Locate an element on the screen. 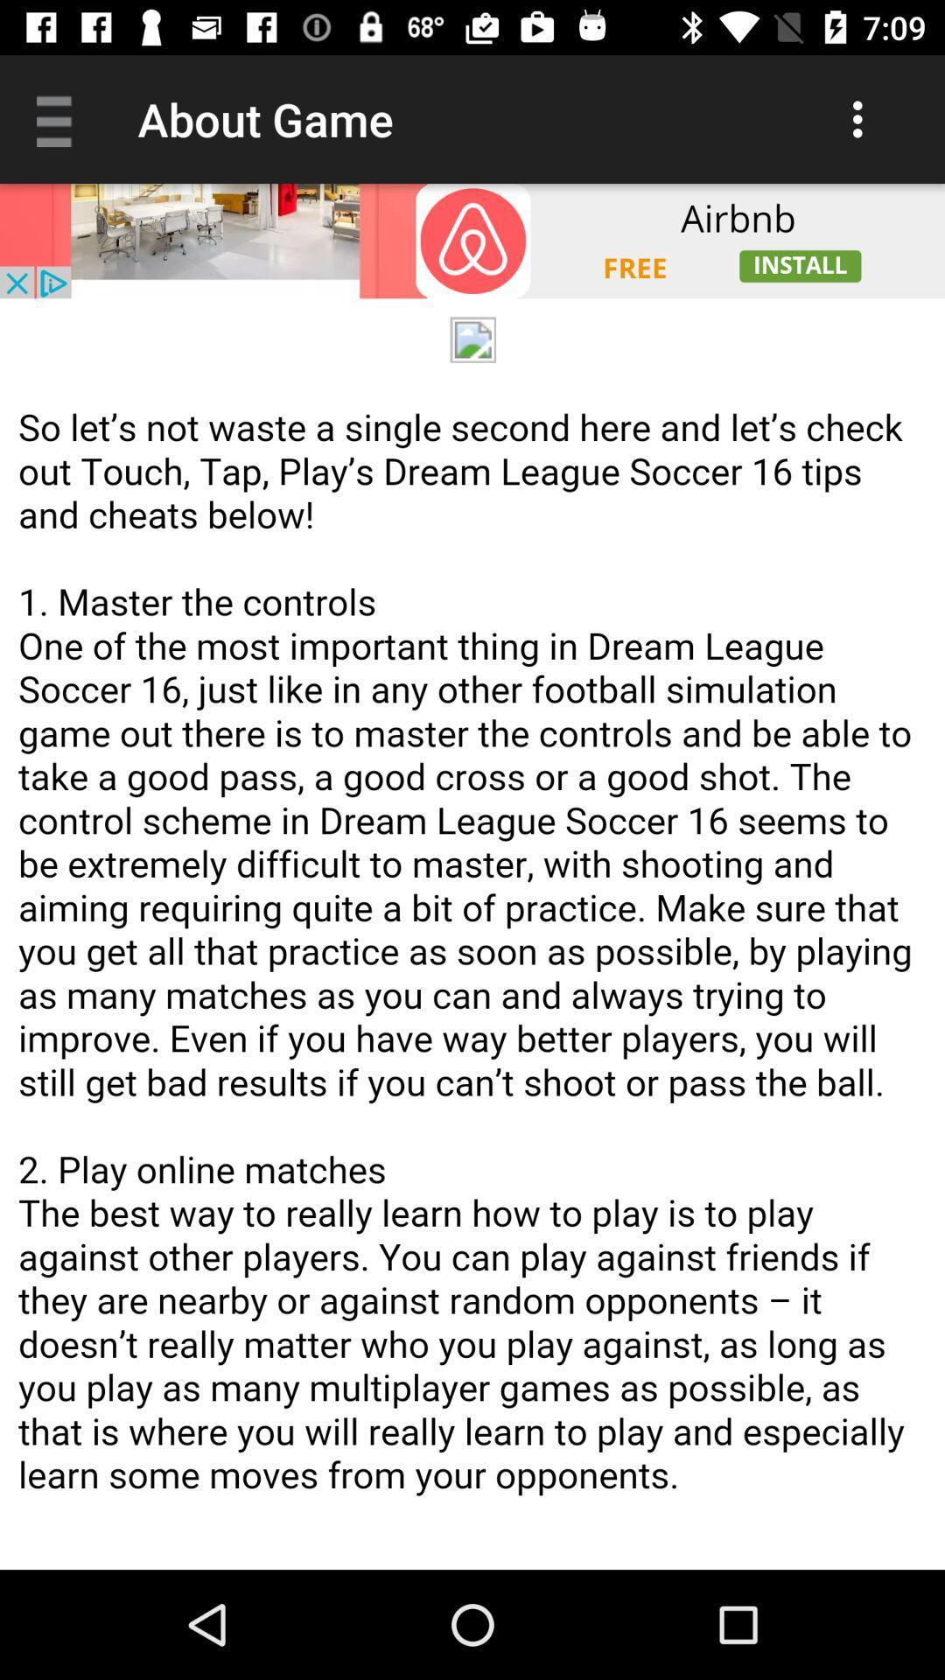 The width and height of the screenshot is (945, 1680). space where you access advertising is located at coordinates (472, 240).